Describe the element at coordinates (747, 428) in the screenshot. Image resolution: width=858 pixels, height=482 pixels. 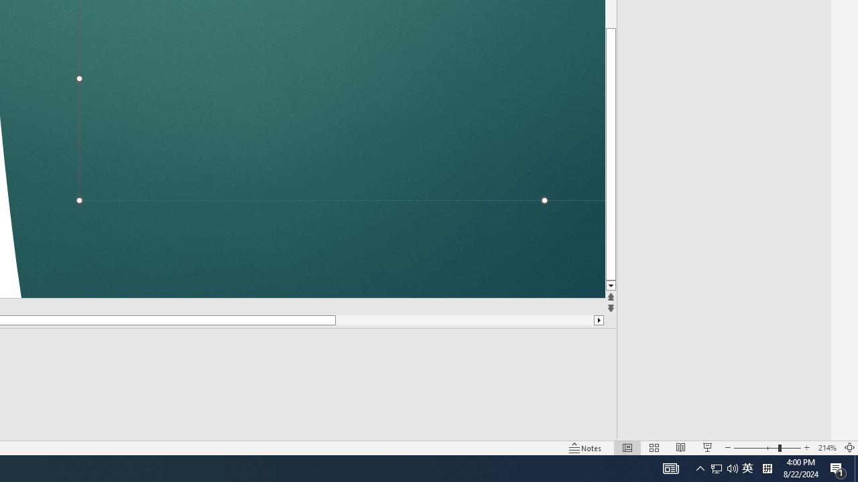
I see `'Zoom'` at that location.